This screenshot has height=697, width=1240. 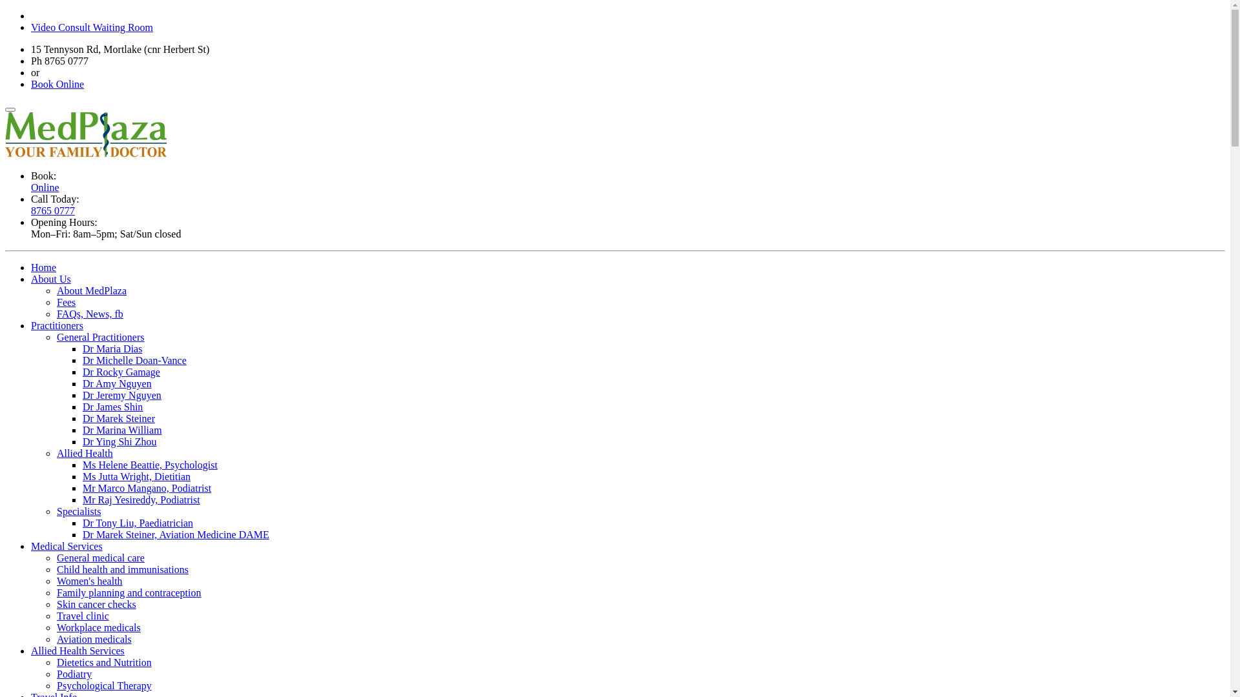 I want to click on 'Family planning and contraception', so click(x=129, y=592).